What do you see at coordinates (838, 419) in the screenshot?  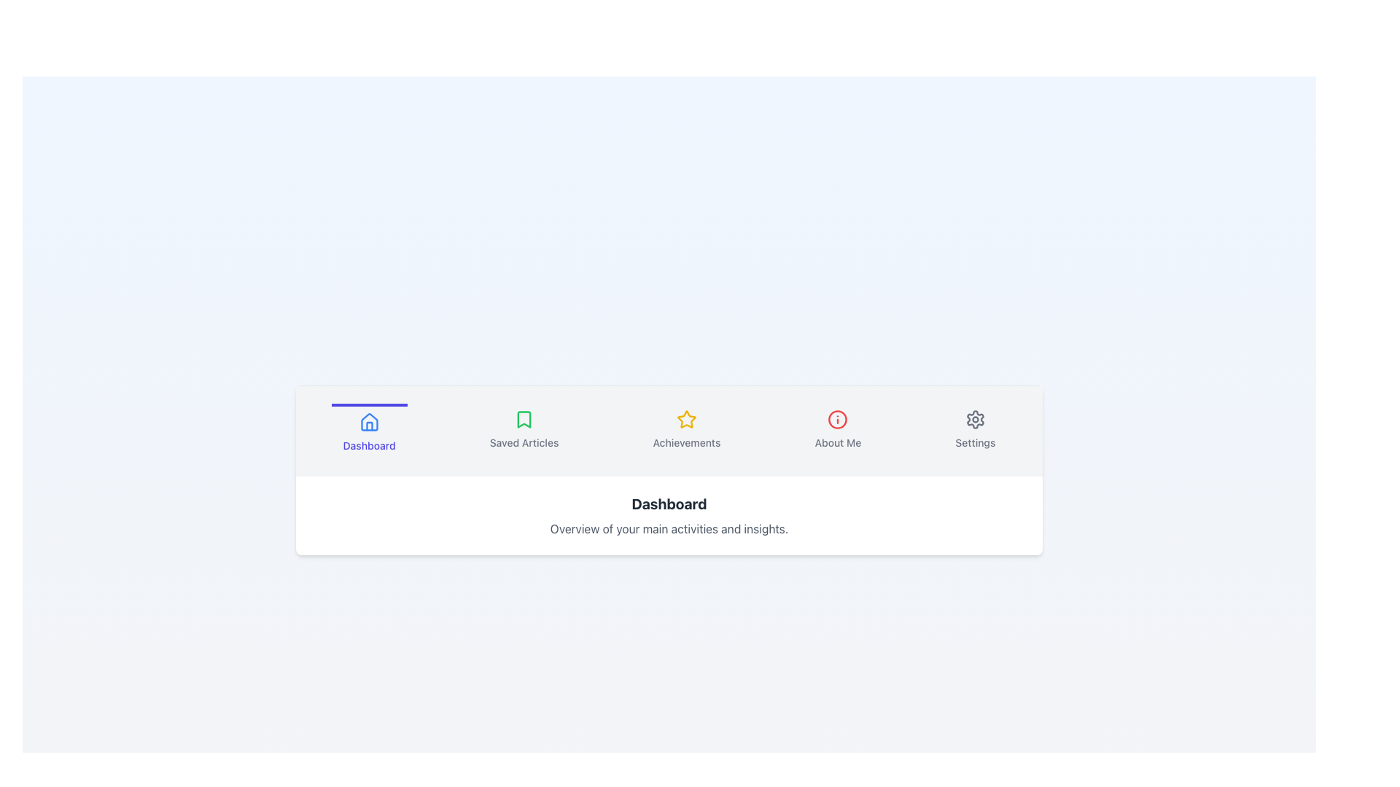 I see `the informational icon located in the navigation bar above the 'About Me' text label` at bounding box center [838, 419].